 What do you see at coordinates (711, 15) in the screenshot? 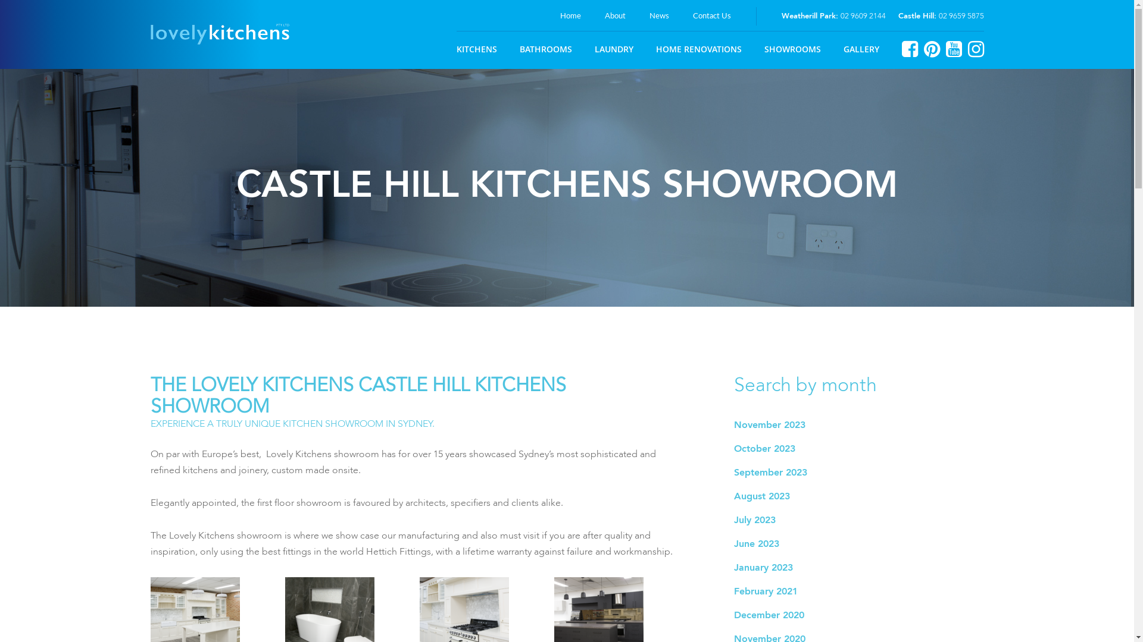
I see `'Contact Us'` at bounding box center [711, 15].